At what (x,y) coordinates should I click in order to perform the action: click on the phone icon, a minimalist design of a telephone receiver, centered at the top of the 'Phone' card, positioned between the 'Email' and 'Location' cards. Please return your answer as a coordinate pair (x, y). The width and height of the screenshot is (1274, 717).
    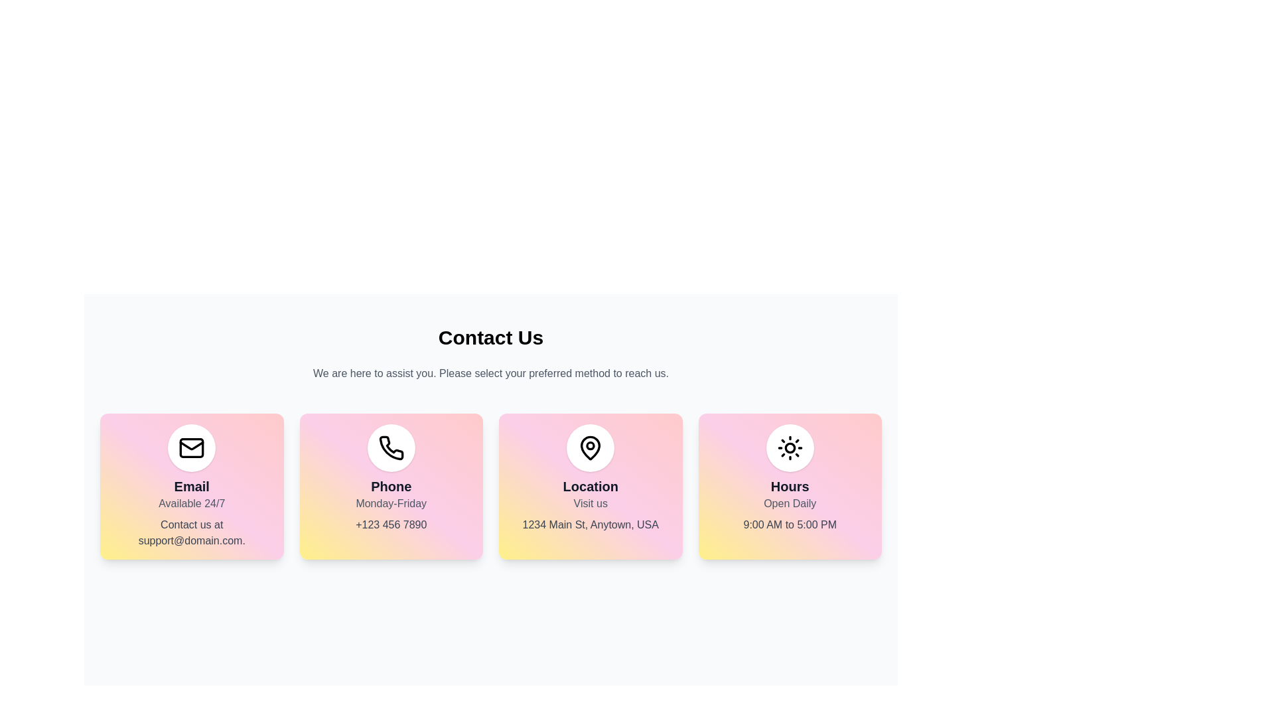
    Looking at the image, I should click on (390, 447).